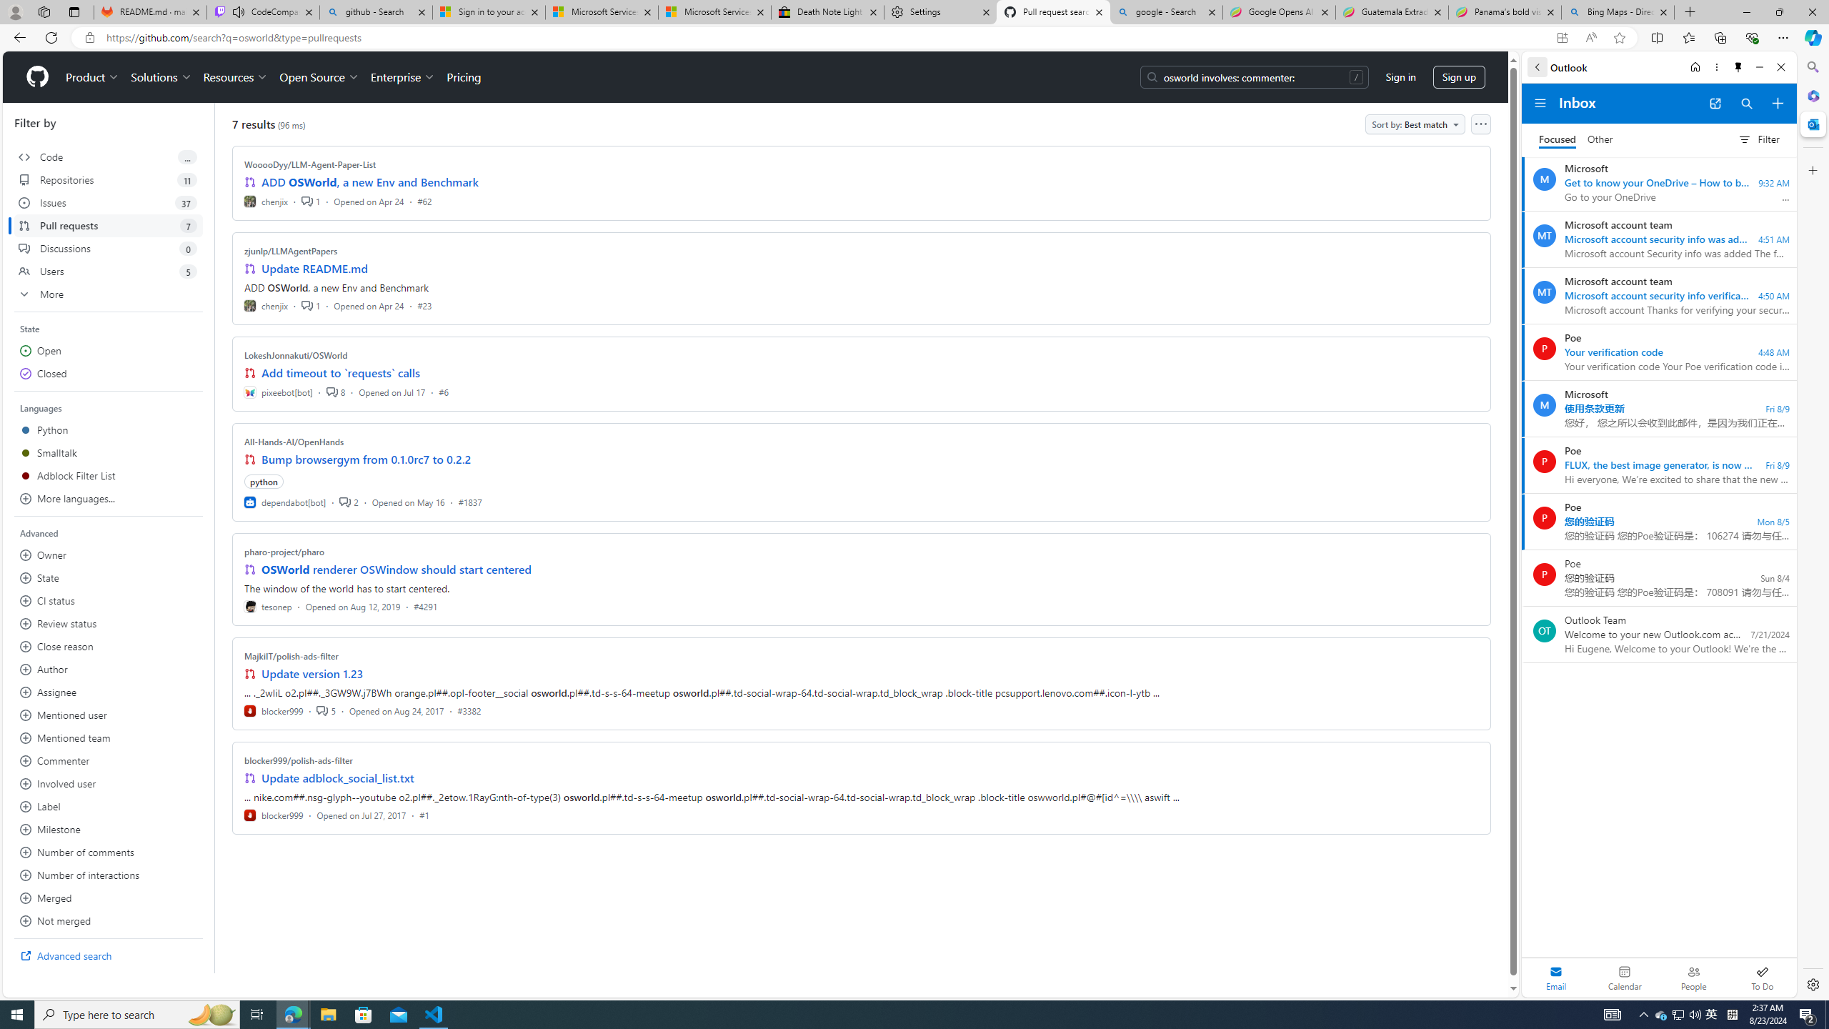  Describe the element at coordinates (396, 569) in the screenshot. I see `'OSWorld renderer OSWindow should start centered'` at that location.